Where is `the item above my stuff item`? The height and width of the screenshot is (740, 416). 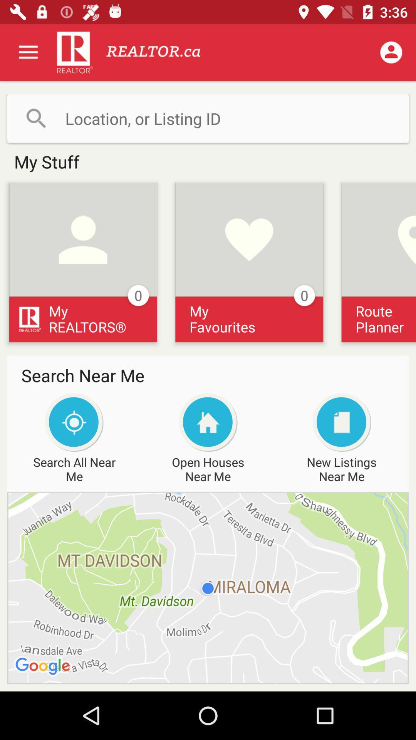 the item above my stuff item is located at coordinates (208, 118).